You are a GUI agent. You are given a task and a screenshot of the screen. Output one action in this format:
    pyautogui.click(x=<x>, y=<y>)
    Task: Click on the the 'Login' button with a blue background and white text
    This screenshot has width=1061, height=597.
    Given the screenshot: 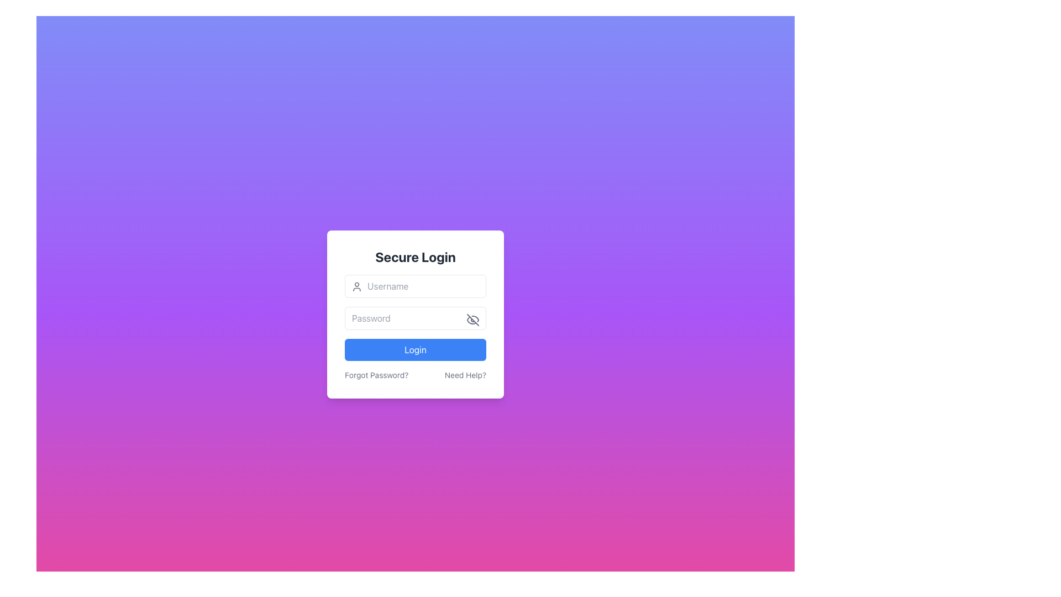 What is the action you would take?
    pyautogui.click(x=415, y=349)
    